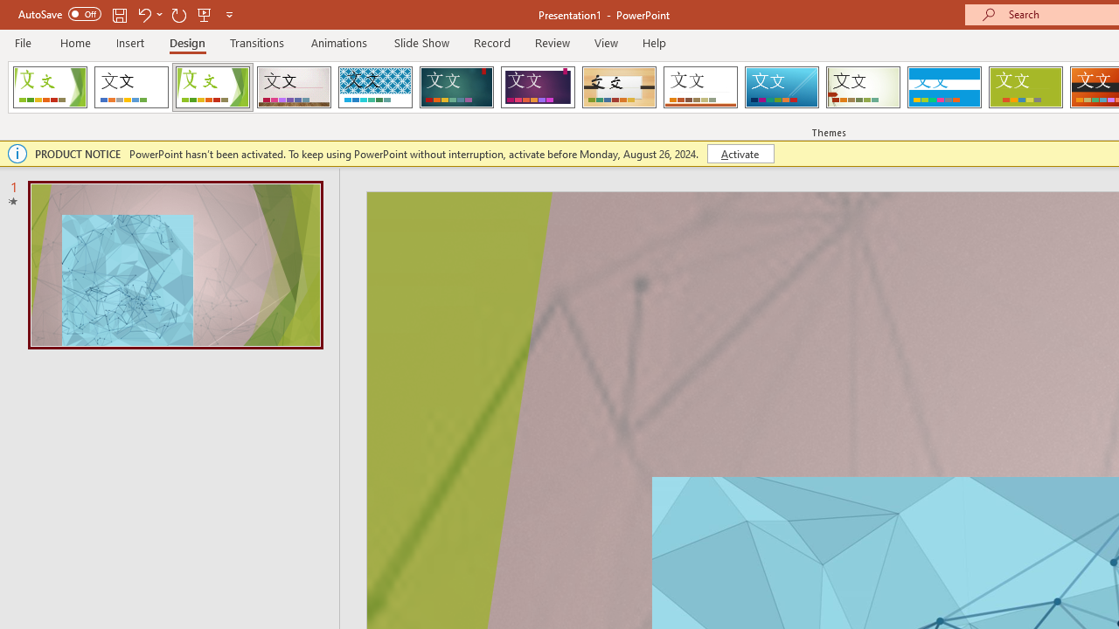 The width and height of the screenshot is (1119, 629). Describe the element at coordinates (374, 87) in the screenshot. I see `'Integral'` at that location.